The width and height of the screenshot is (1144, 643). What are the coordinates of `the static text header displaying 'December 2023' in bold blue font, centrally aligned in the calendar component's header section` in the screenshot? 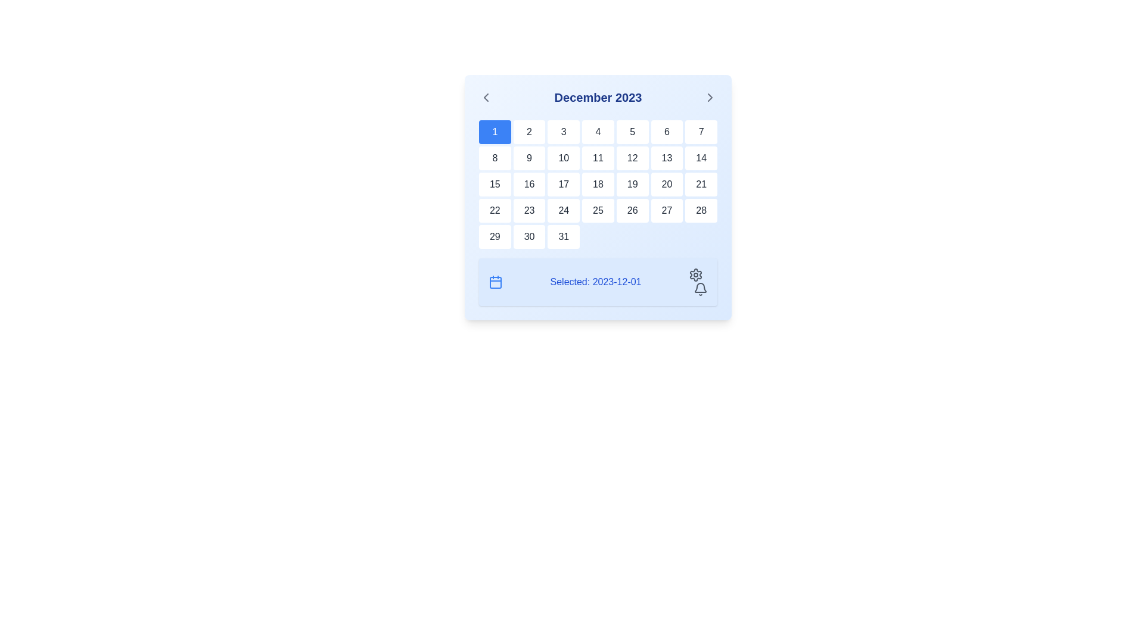 It's located at (598, 97).